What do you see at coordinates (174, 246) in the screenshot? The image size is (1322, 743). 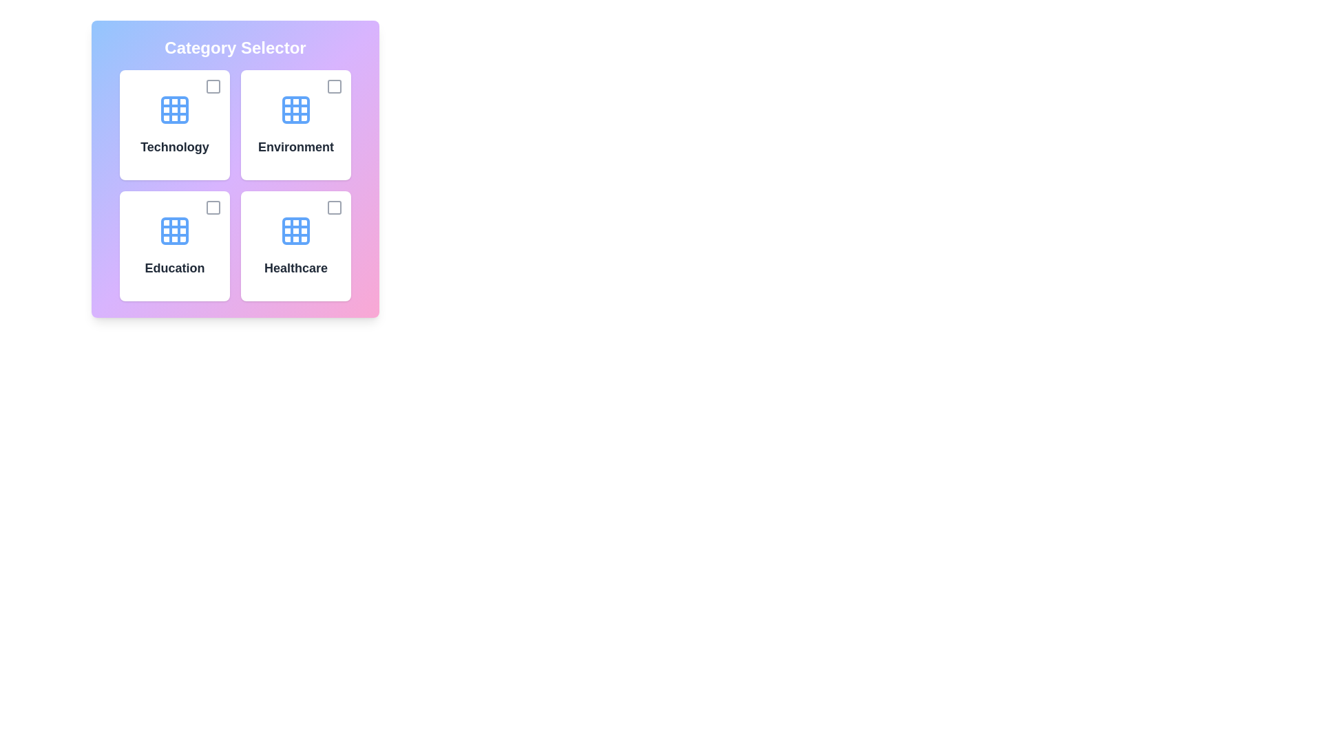 I see `the category card labeled Education to toggle its selection state` at bounding box center [174, 246].